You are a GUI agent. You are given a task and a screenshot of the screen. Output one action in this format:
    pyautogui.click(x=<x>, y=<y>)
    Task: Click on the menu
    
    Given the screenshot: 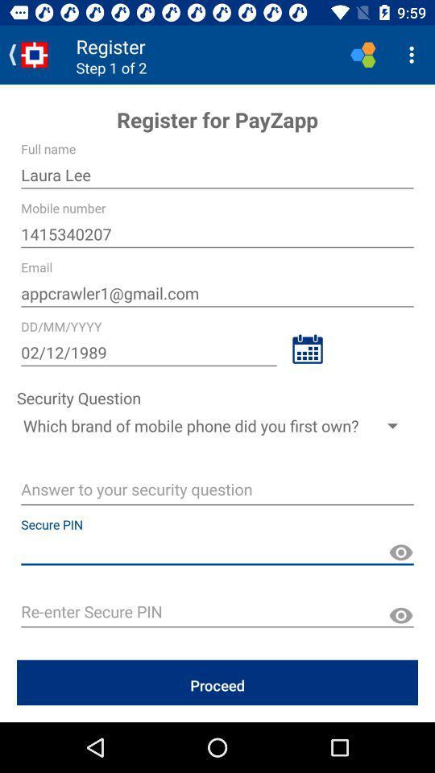 What is the action you would take?
    pyautogui.click(x=414, y=55)
    